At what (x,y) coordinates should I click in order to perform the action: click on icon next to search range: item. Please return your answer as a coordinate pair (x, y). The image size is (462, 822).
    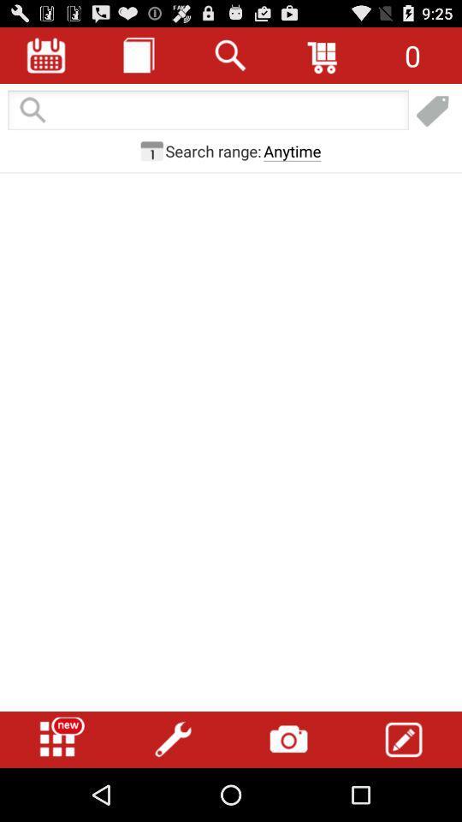
    Looking at the image, I should click on (291, 150).